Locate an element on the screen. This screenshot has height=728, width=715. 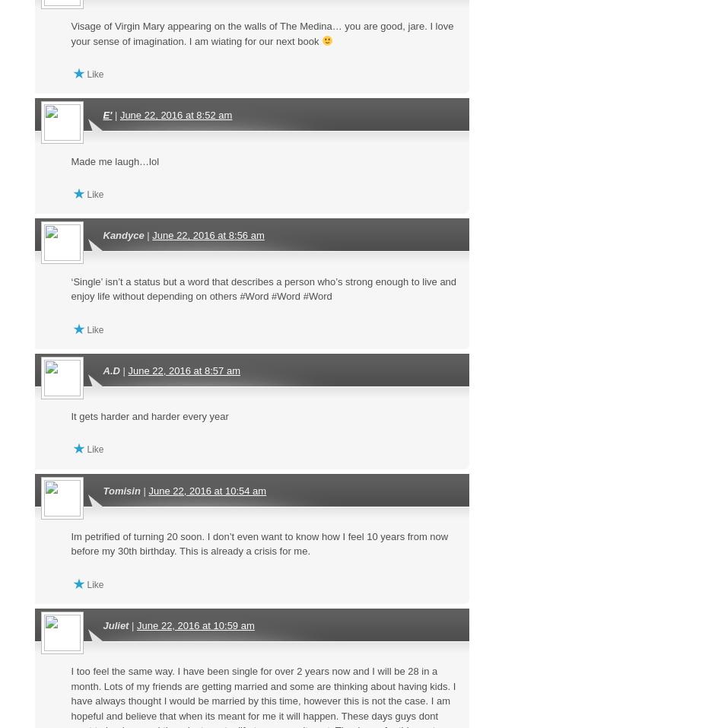
'June 22, 2016 at 10:59 am' is located at coordinates (195, 624).